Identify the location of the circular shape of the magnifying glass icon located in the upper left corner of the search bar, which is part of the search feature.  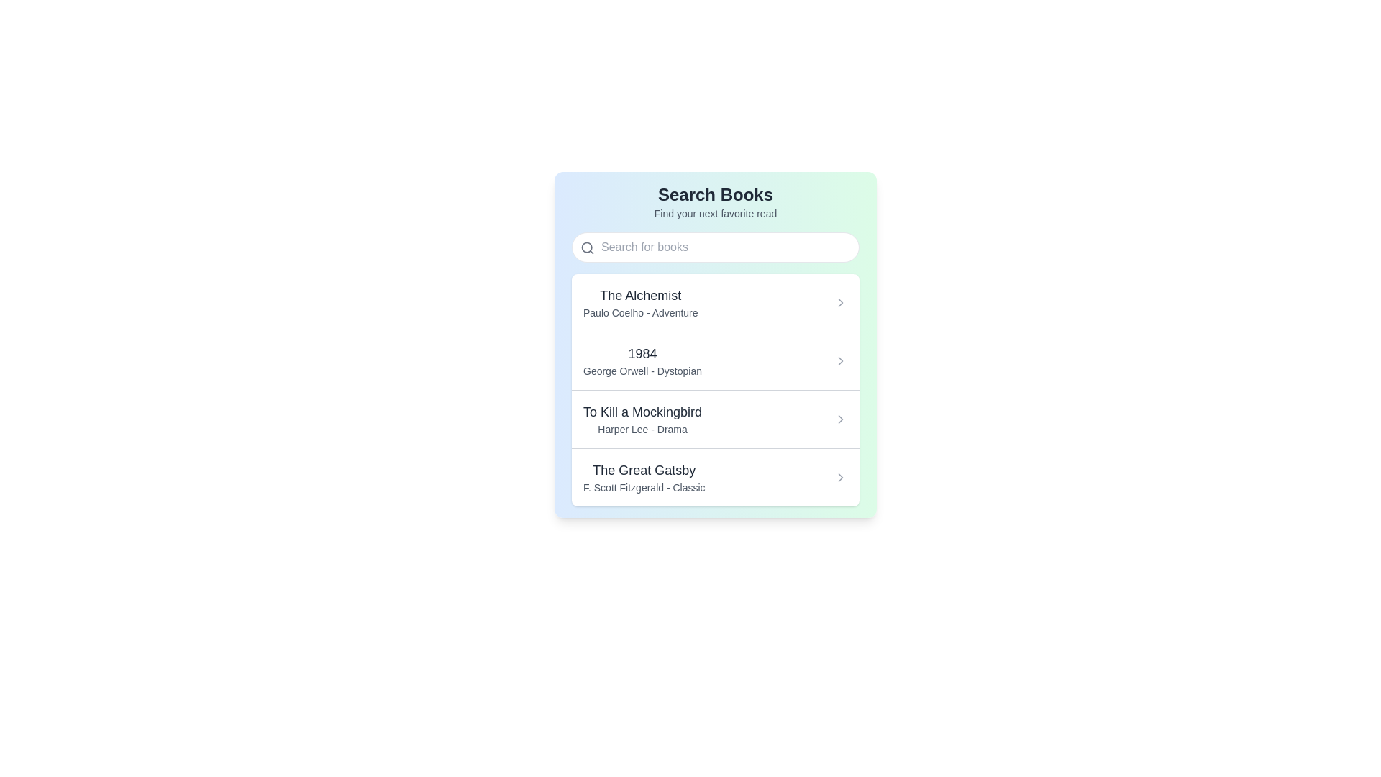
(587, 247).